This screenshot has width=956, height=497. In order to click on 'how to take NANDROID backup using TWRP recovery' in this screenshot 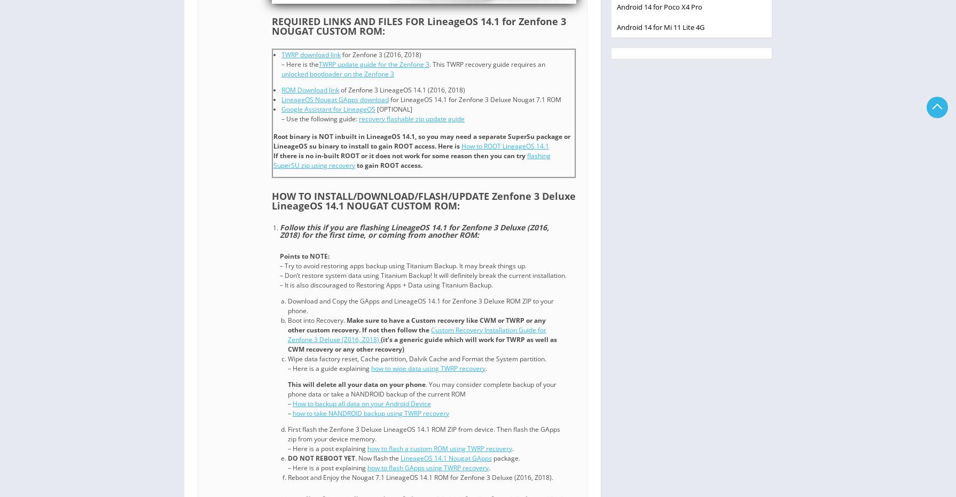, I will do `click(292, 413)`.